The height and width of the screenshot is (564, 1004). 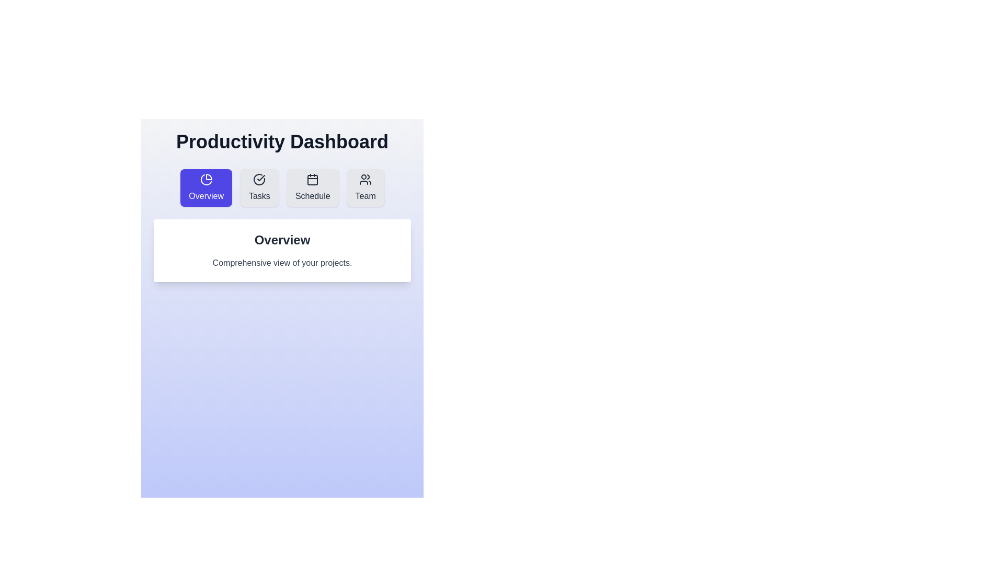 What do you see at coordinates (206, 187) in the screenshot?
I see `the tab button labeled Overview to switch to its view` at bounding box center [206, 187].